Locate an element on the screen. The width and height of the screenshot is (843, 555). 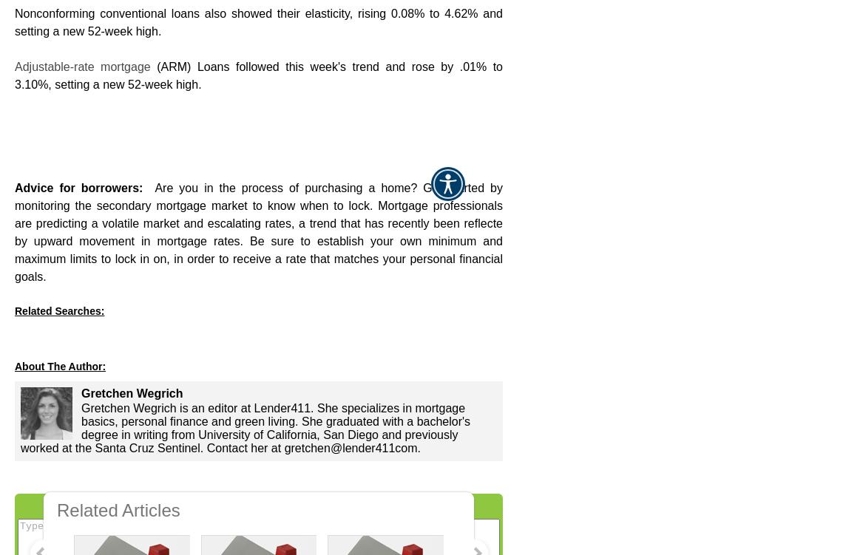
'Didn't find the answer you wanted? Ask one of your own.' is located at coordinates (258, 507).